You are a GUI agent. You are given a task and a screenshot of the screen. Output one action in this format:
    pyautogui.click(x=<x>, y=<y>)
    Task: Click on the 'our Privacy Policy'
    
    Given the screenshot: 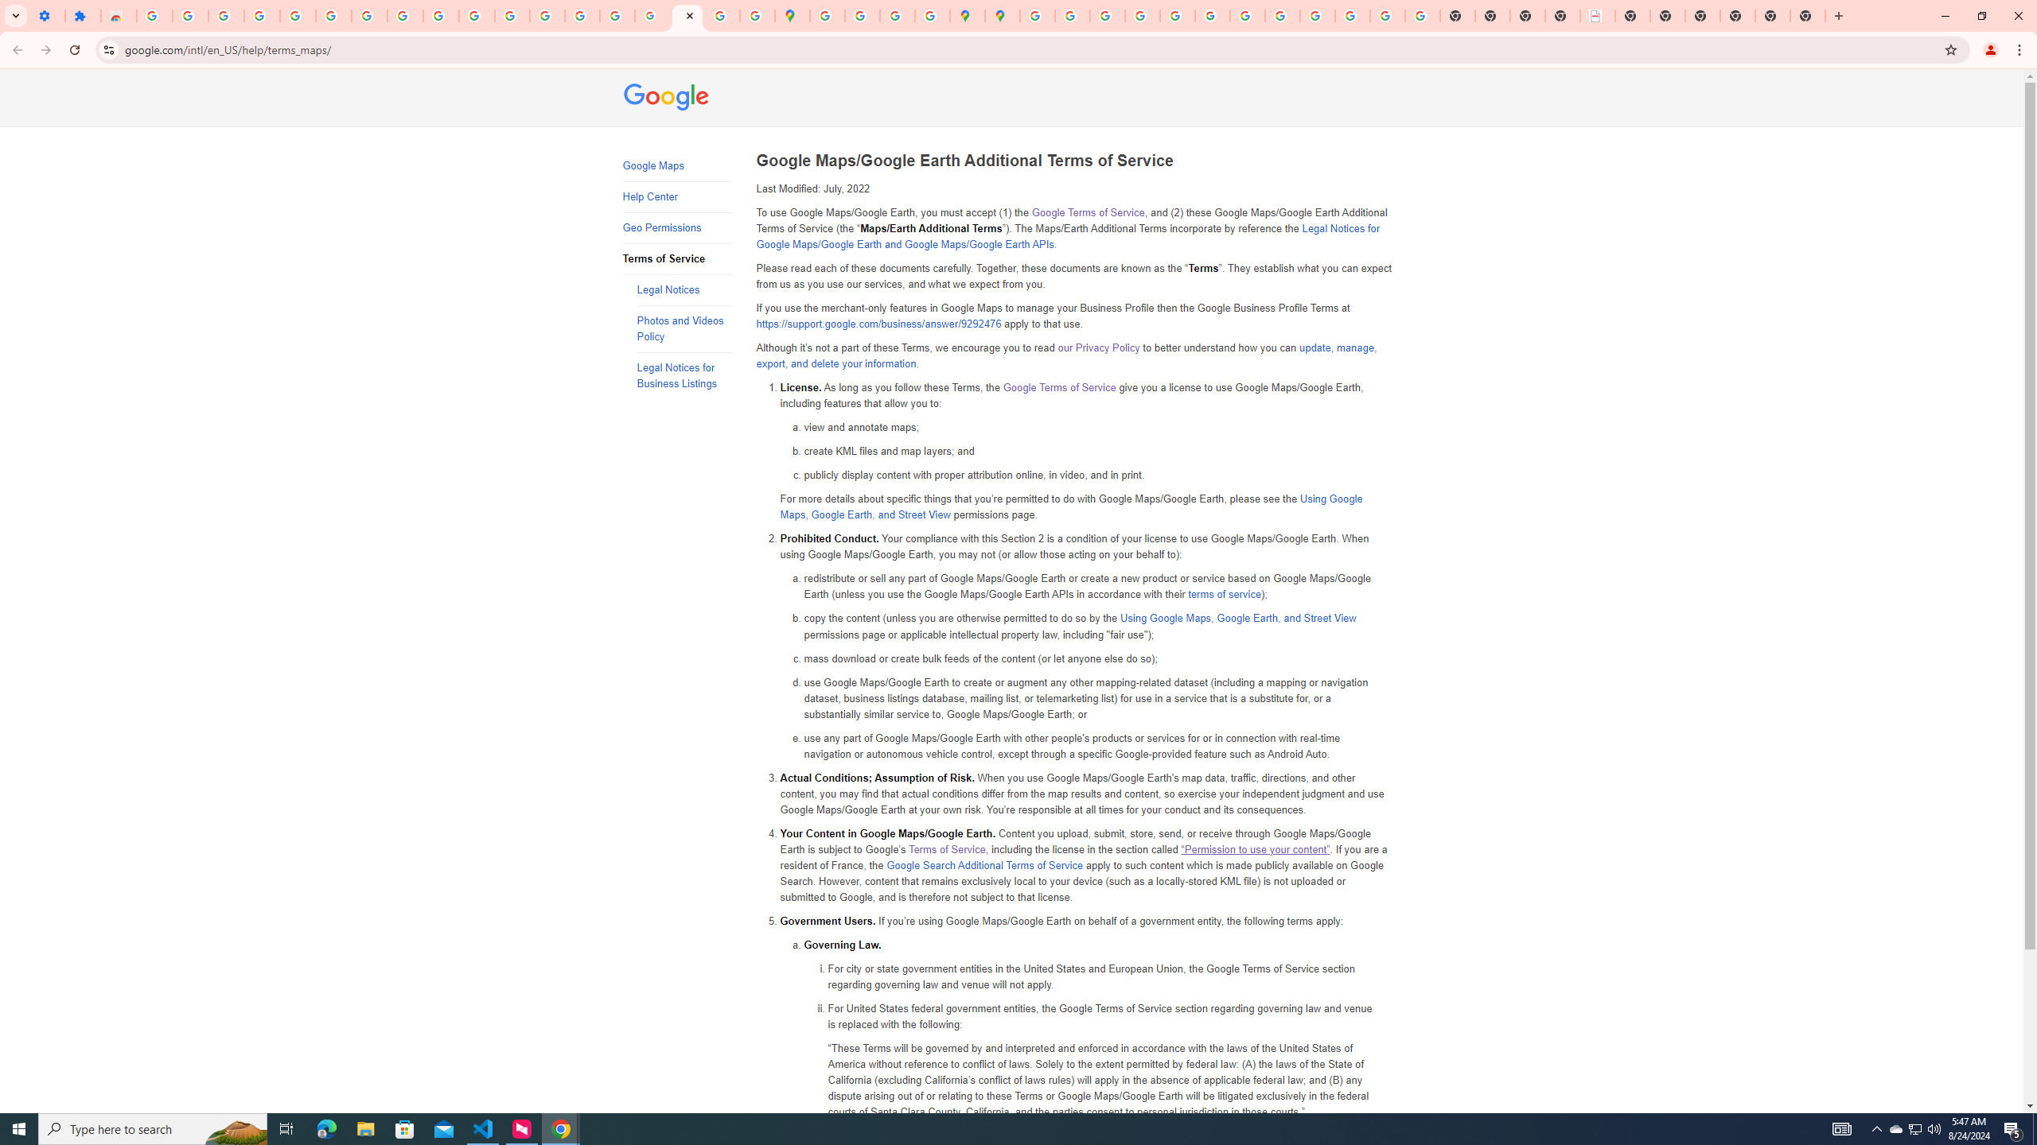 What is the action you would take?
    pyautogui.click(x=1099, y=347)
    